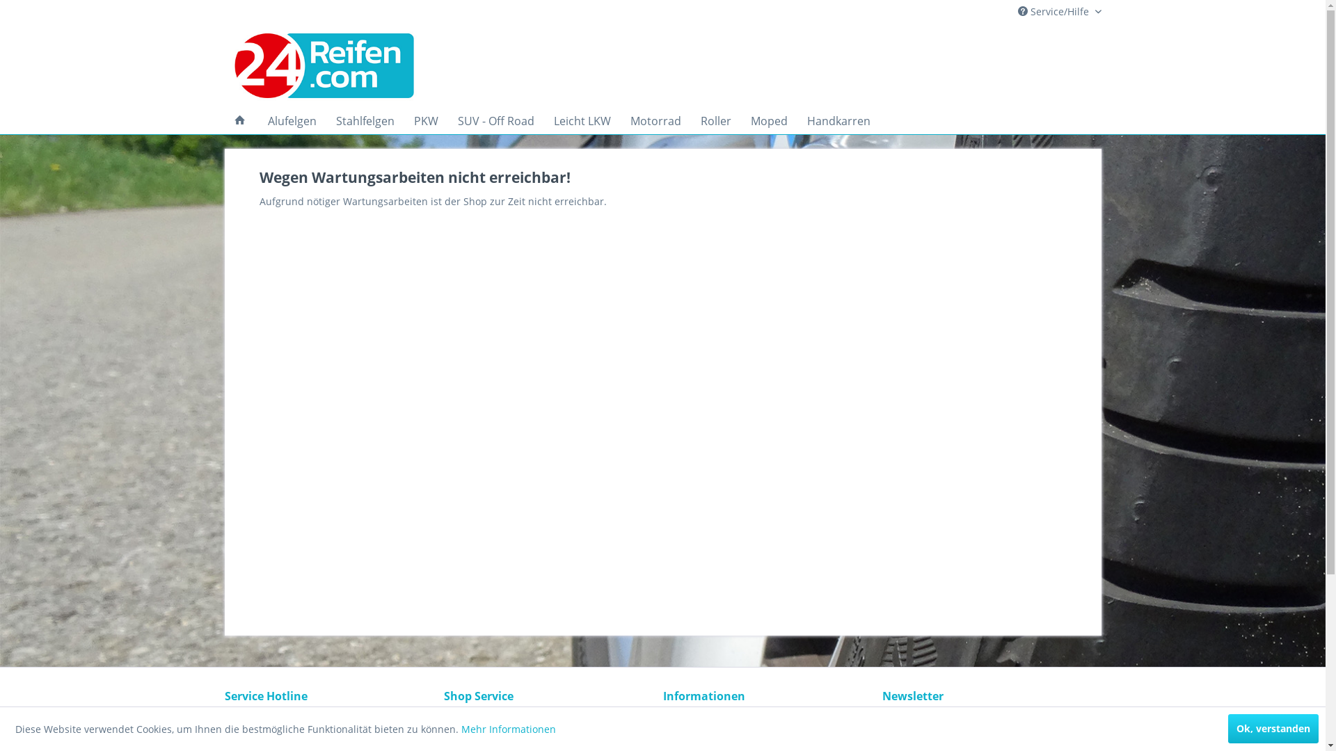  What do you see at coordinates (424, 120) in the screenshot?
I see `'PKW'` at bounding box center [424, 120].